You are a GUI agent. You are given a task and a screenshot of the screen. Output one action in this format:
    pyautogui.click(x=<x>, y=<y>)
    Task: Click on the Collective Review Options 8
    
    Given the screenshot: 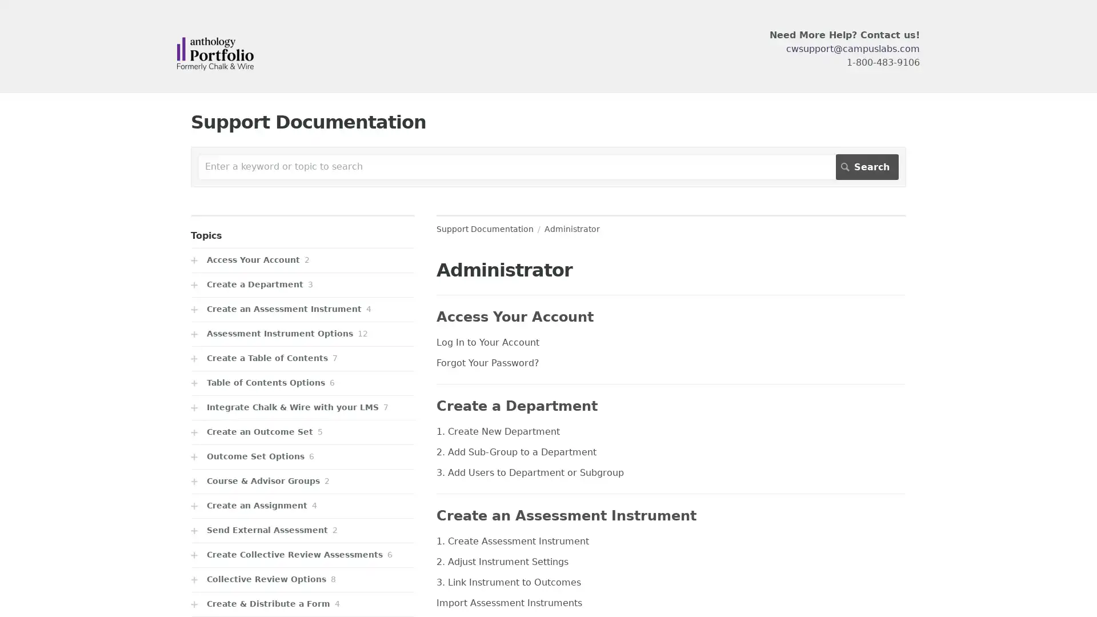 What is the action you would take?
    pyautogui.click(x=302, y=579)
    